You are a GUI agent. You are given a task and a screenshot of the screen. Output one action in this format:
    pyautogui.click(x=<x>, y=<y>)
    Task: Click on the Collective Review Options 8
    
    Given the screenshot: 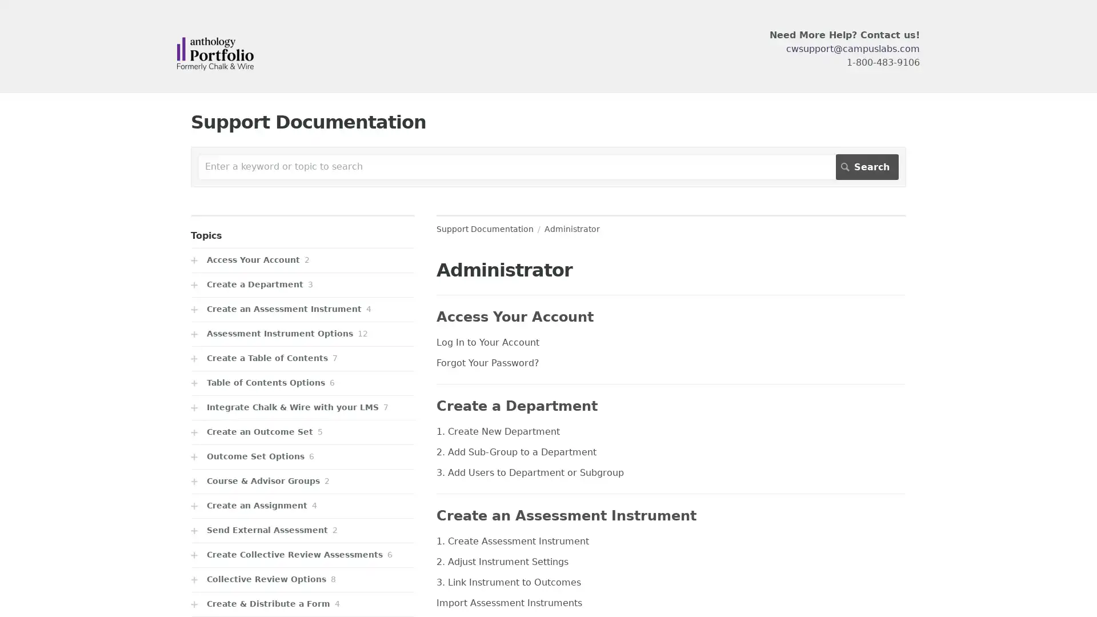 What is the action you would take?
    pyautogui.click(x=302, y=579)
    